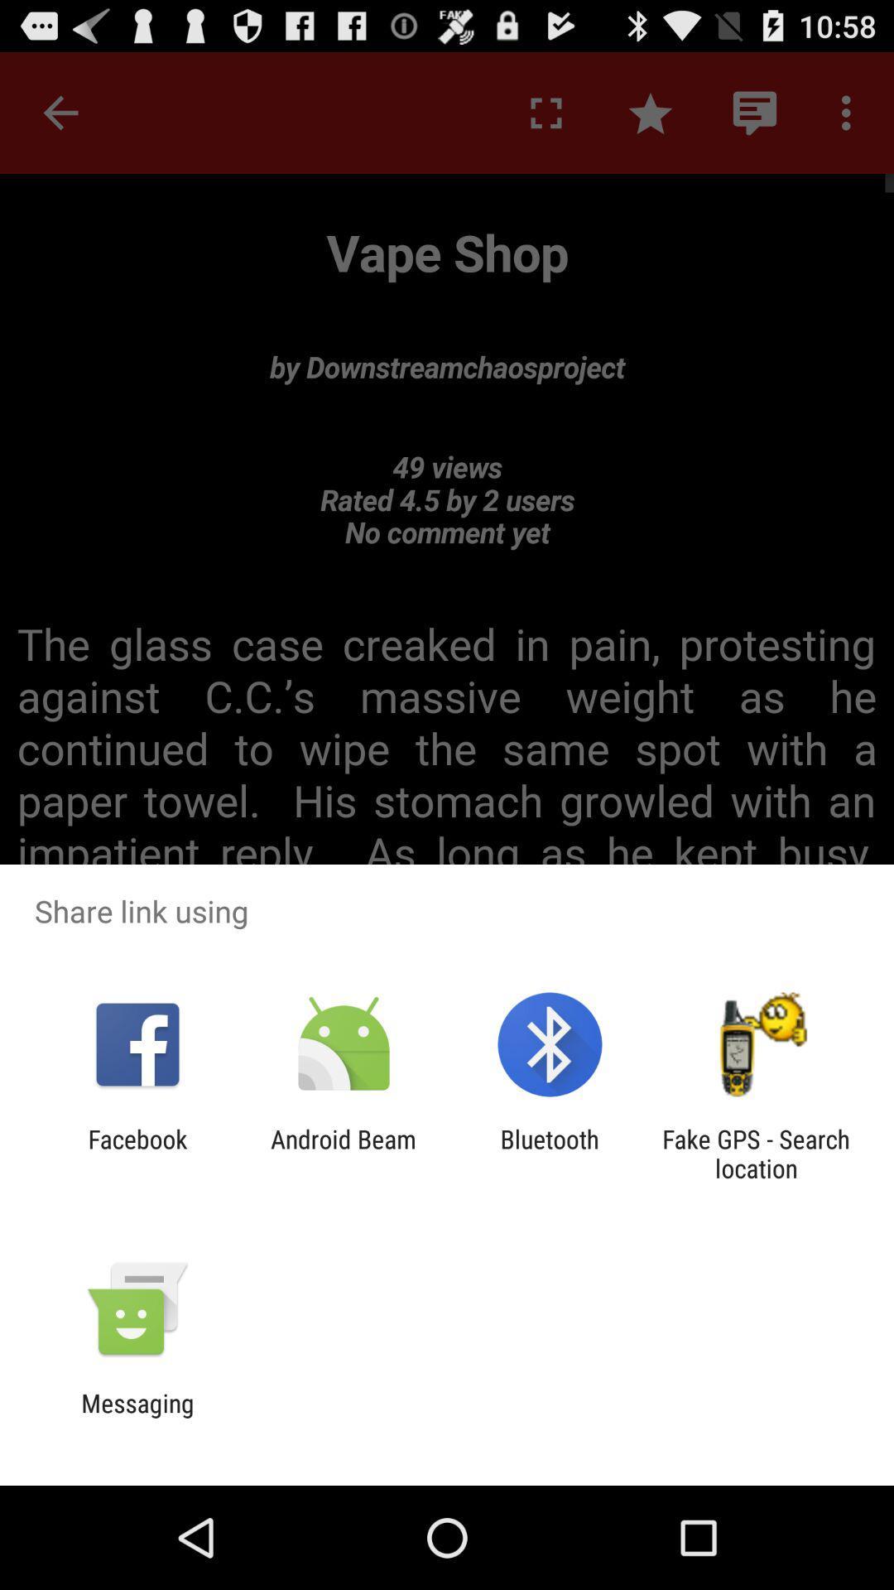 Image resolution: width=894 pixels, height=1590 pixels. What do you see at coordinates (137, 1417) in the screenshot?
I see `the messaging icon` at bounding box center [137, 1417].